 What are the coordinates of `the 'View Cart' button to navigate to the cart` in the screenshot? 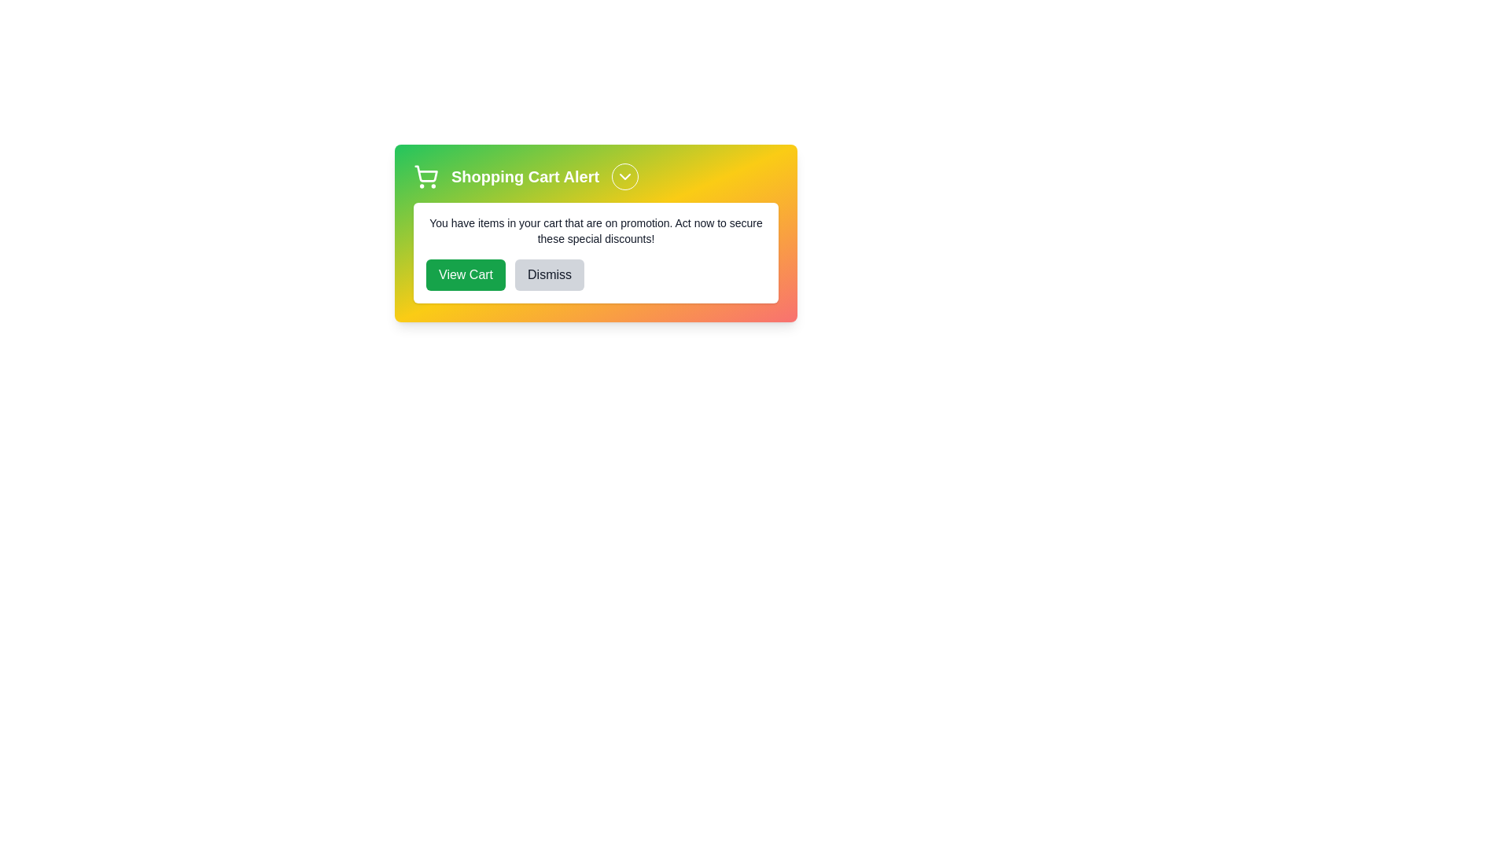 It's located at (465, 274).